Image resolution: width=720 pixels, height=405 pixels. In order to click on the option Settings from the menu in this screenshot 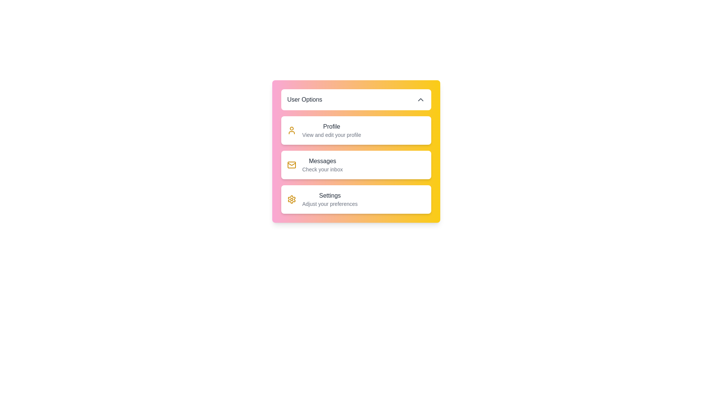, I will do `click(322, 199)`.